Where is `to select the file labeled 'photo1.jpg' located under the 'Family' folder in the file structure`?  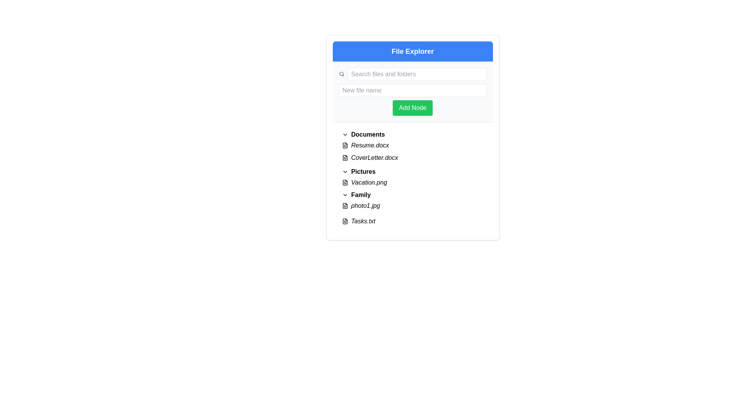
to select the file labeled 'photo1.jpg' located under the 'Family' folder in the file structure is located at coordinates (412, 206).